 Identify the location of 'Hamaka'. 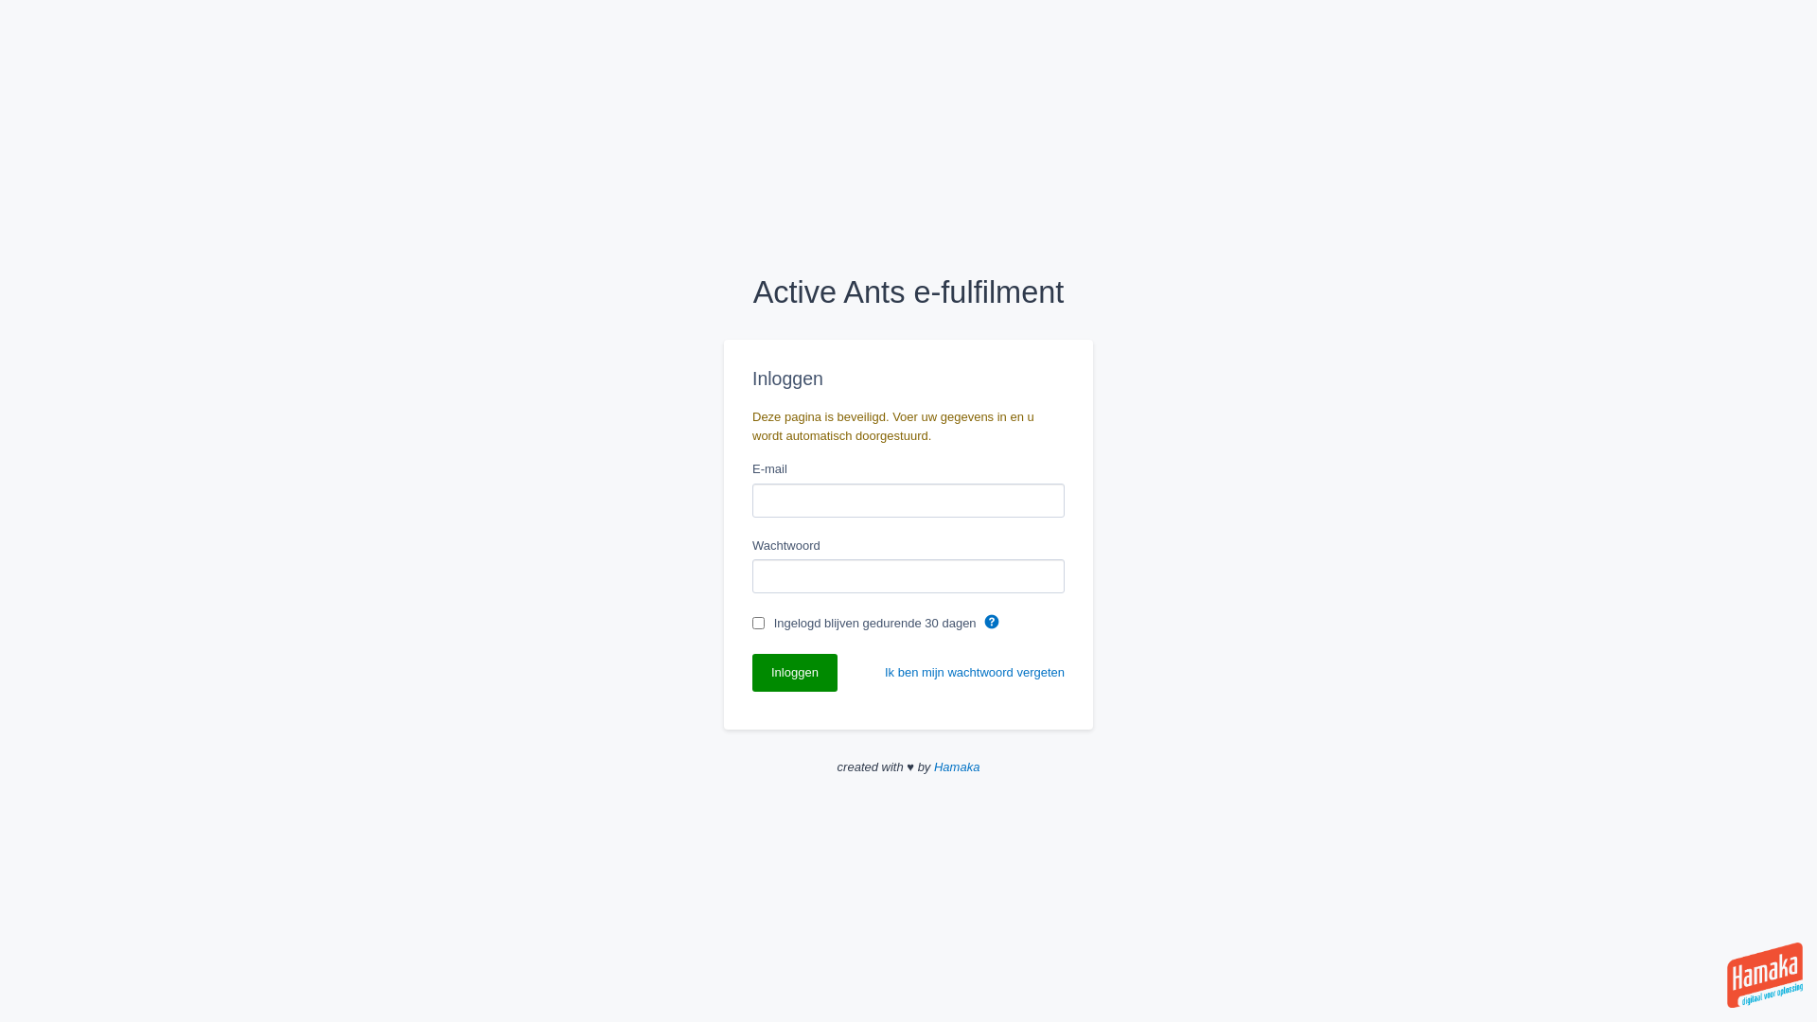
(957, 766).